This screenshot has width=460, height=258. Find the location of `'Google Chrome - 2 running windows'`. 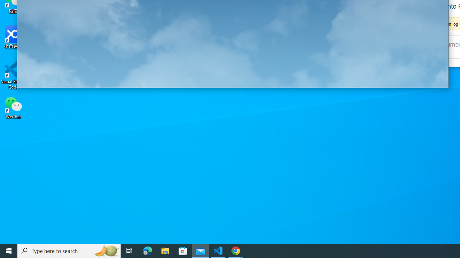

'Google Chrome - 2 running windows' is located at coordinates (236, 250).